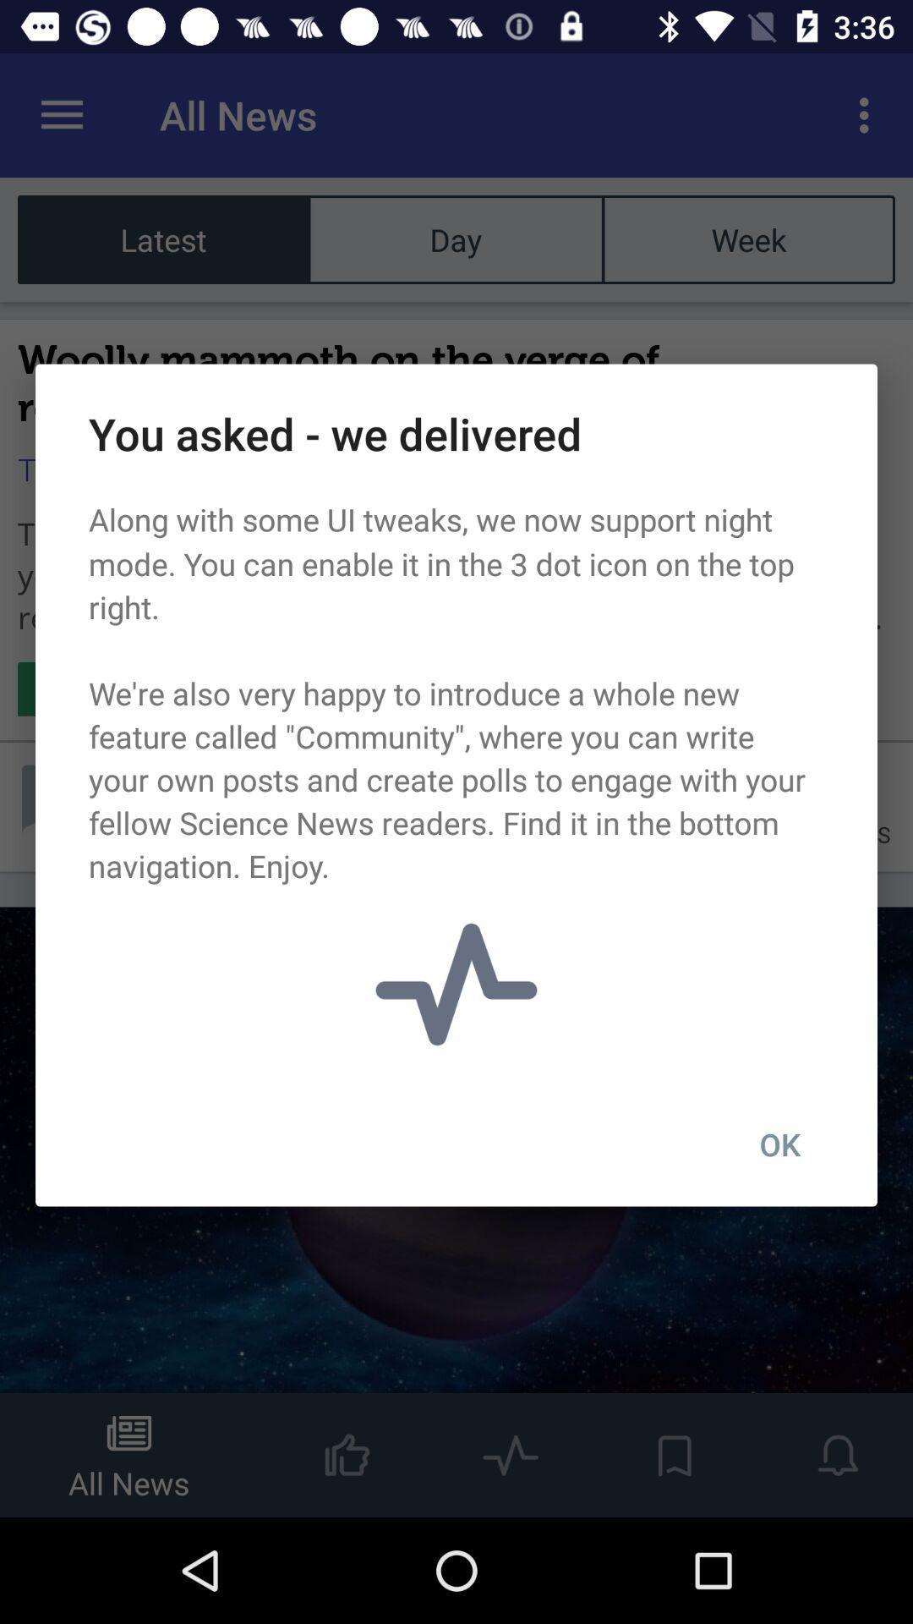  What do you see at coordinates (779, 1144) in the screenshot?
I see `the ok item` at bounding box center [779, 1144].